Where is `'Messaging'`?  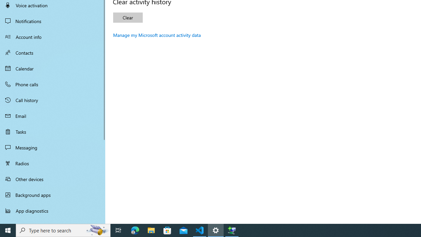 'Messaging' is located at coordinates (53, 147).